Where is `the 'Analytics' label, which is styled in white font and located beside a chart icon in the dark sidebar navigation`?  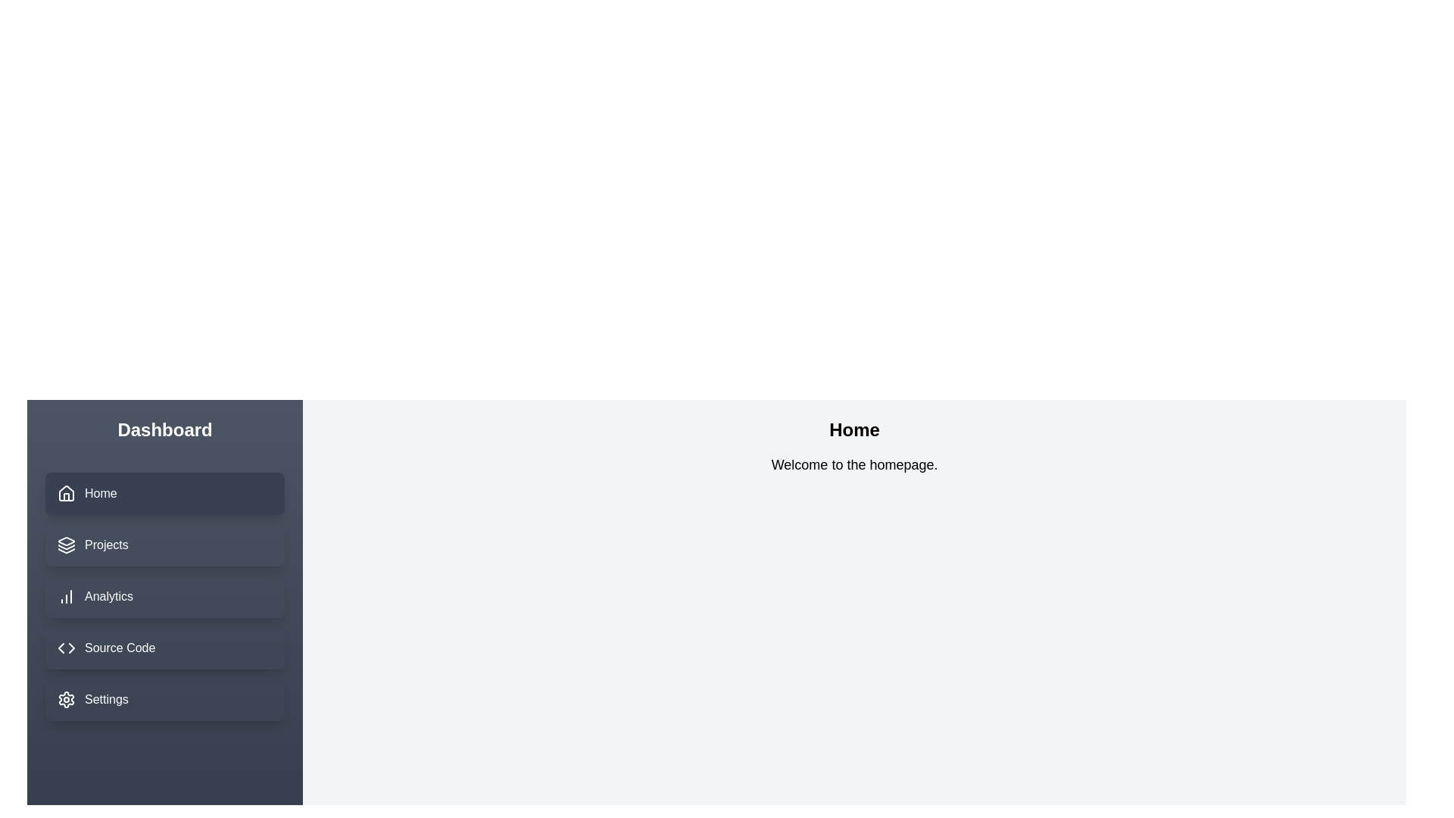
the 'Analytics' label, which is styled in white font and located beside a chart icon in the dark sidebar navigation is located at coordinates (108, 595).